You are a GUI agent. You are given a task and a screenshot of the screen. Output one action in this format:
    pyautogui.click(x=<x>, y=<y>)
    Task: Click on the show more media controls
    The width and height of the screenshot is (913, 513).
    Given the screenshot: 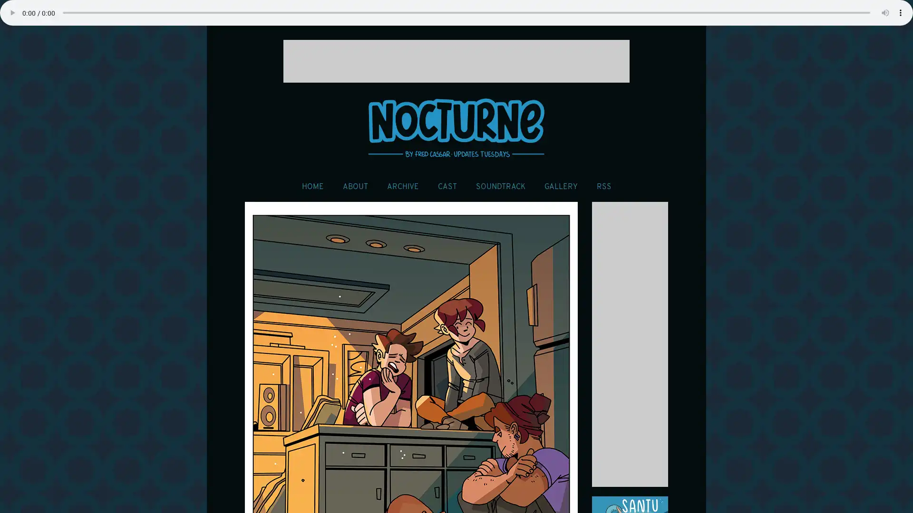 What is the action you would take?
    pyautogui.click(x=900, y=13)
    